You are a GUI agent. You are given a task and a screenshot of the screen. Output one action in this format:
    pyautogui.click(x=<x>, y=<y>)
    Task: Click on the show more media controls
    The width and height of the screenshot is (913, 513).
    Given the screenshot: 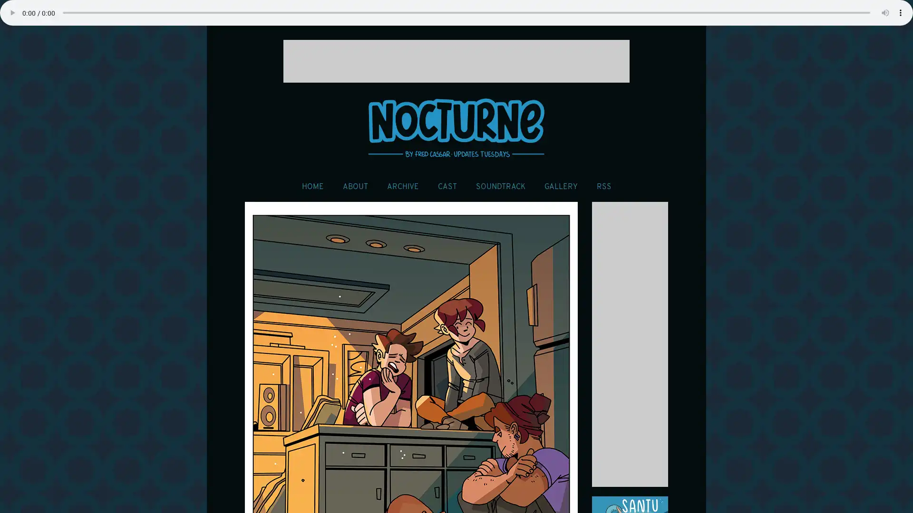 What is the action you would take?
    pyautogui.click(x=900, y=13)
    